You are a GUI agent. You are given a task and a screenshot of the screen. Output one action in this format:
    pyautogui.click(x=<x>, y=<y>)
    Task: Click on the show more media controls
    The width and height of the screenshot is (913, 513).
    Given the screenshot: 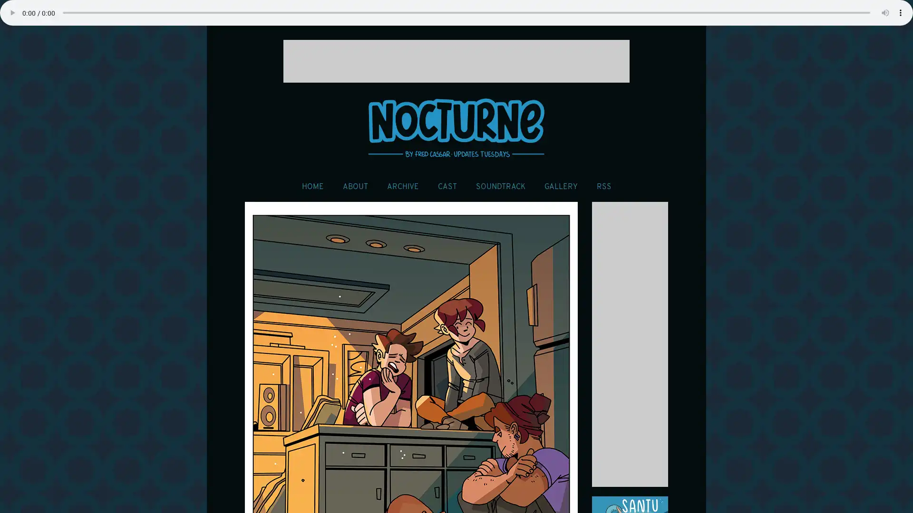 What is the action you would take?
    pyautogui.click(x=900, y=13)
    